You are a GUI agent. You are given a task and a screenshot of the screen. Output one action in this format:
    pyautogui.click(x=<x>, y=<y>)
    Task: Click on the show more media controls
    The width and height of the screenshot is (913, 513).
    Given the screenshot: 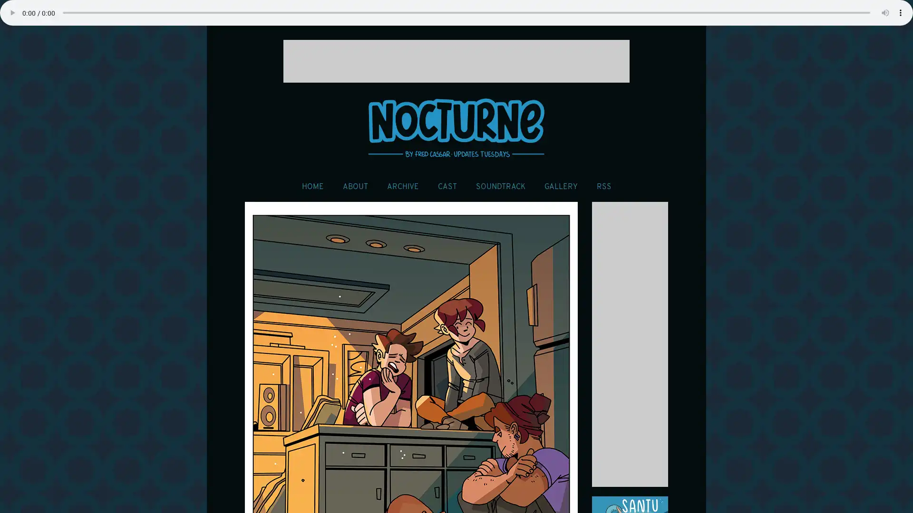 What is the action you would take?
    pyautogui.click(x=900, y=13)
    